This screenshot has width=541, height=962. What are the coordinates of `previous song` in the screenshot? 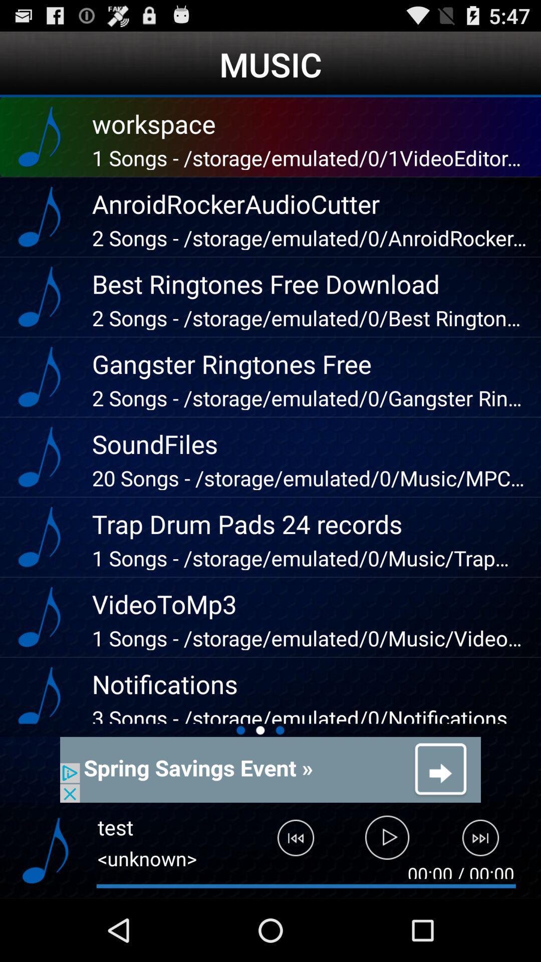 It's located at (288, 842).